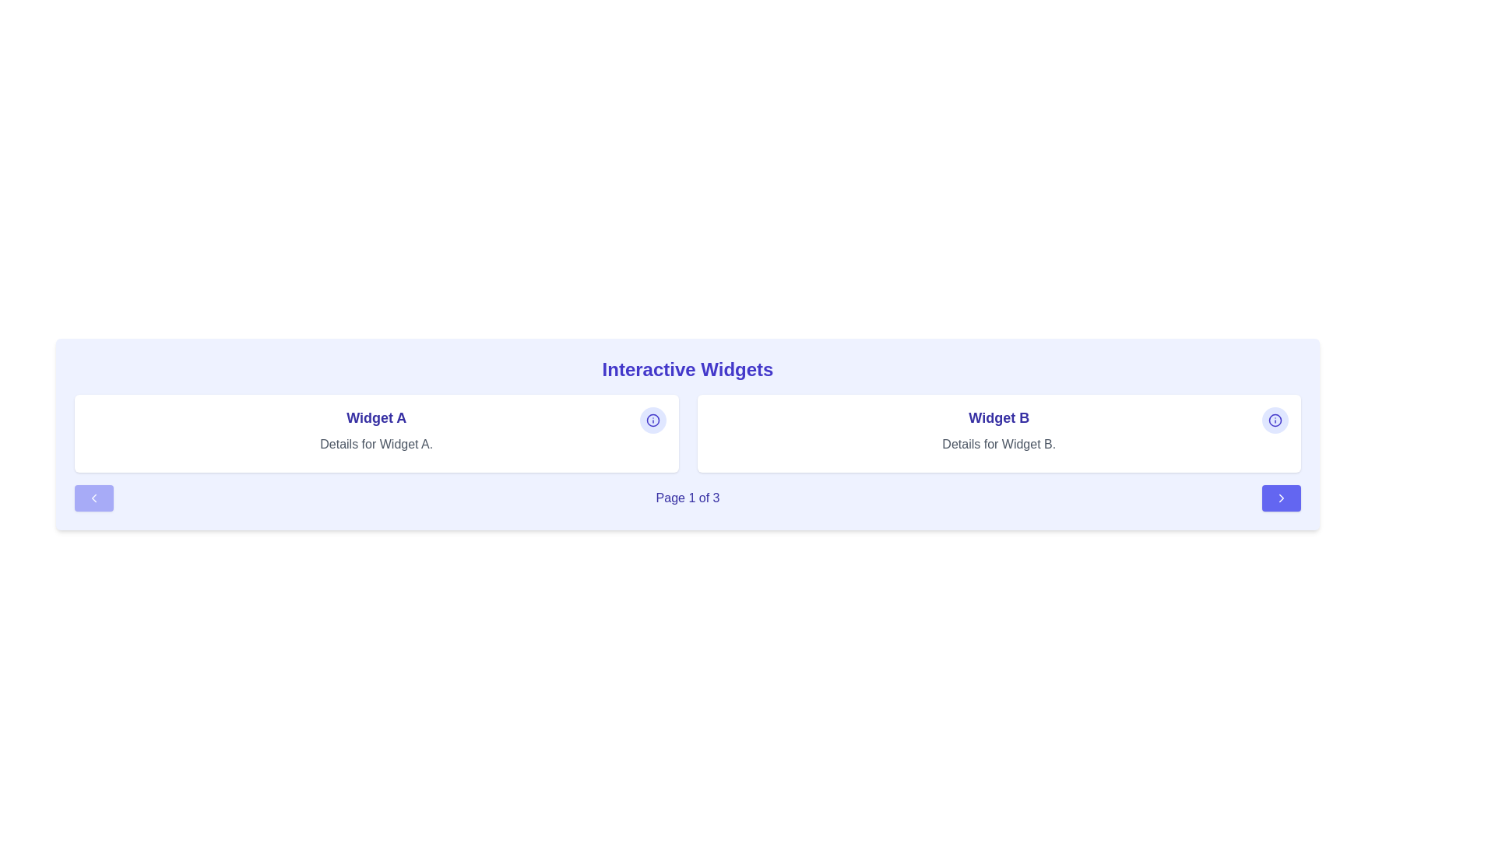 Image resolution: width=1495 pixels, height=841 pixels. What do you see at coordinates (653, 420) in the screenshot?
I see `the interactive informational button in the top-right corner of 'Widget A'` at bounding box center [653, 420].